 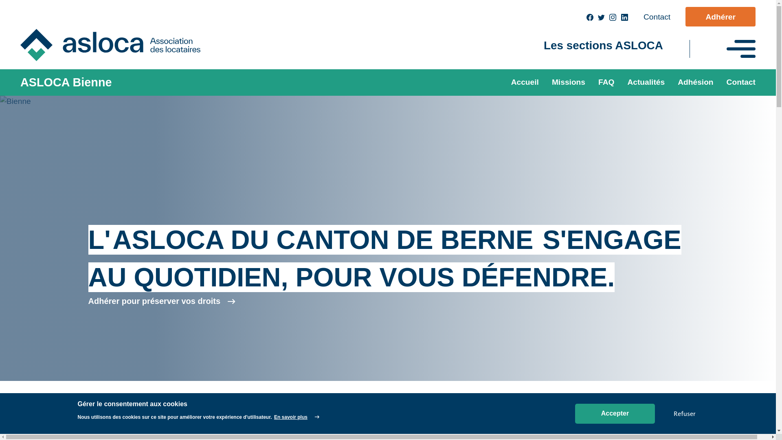 I want to click on 'Missions', so click(x=545, y=82).